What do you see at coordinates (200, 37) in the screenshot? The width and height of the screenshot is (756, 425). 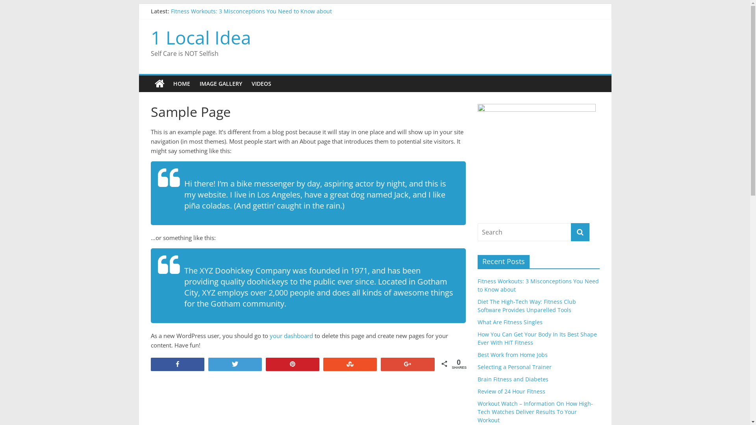 I see `'1 Local Idea'` at bounding box center [200, 37].